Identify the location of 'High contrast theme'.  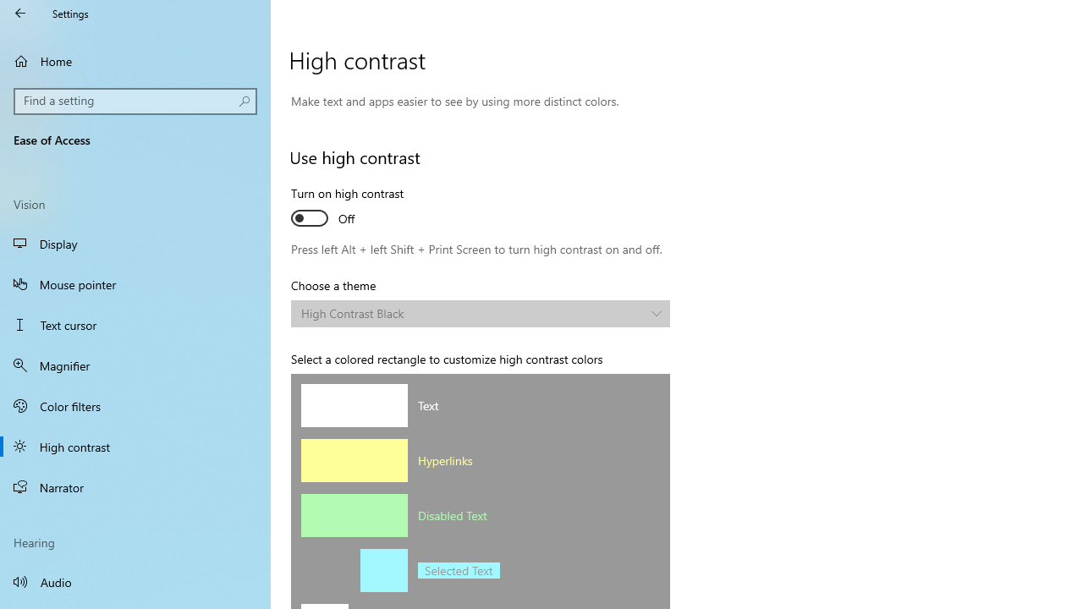
(480, 314).